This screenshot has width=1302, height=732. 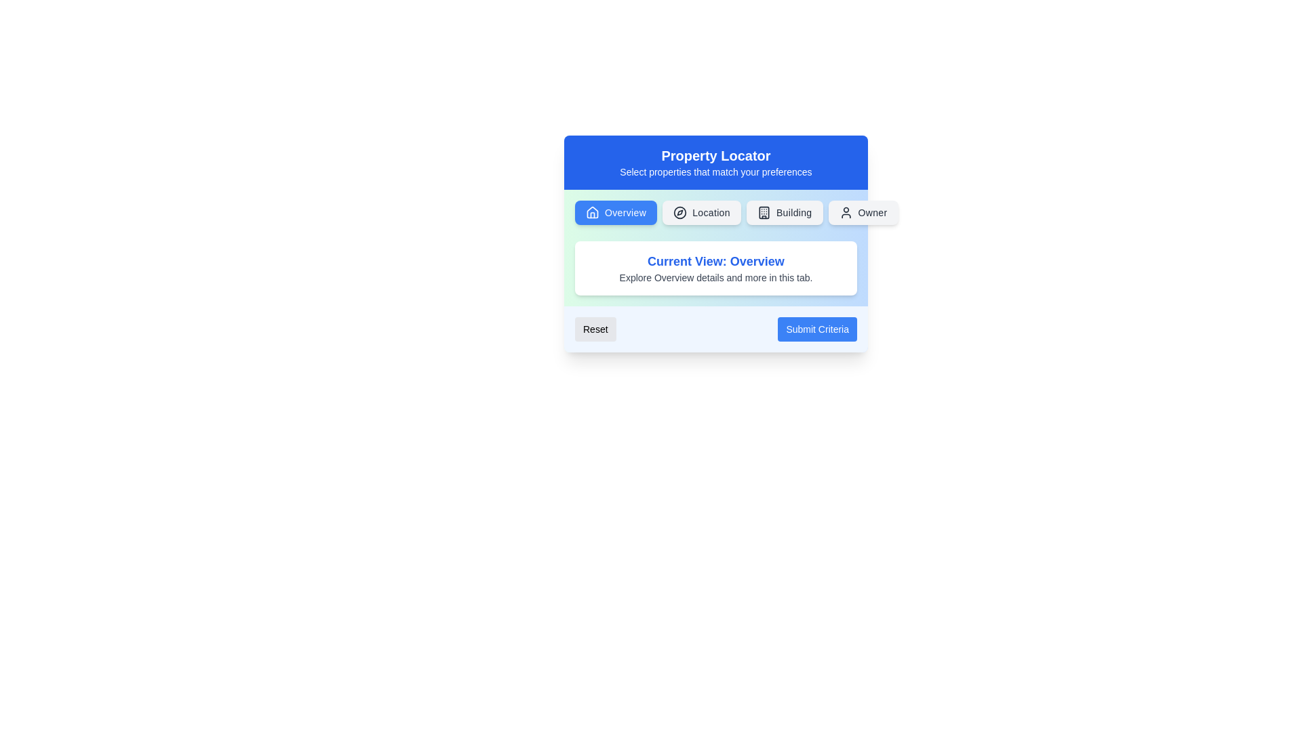 I want to click on the navigation button that directs the user to the 'Location' section, which is the second button in a row of four located below the 'Property Locator' heading, so click(x=715, y=212).